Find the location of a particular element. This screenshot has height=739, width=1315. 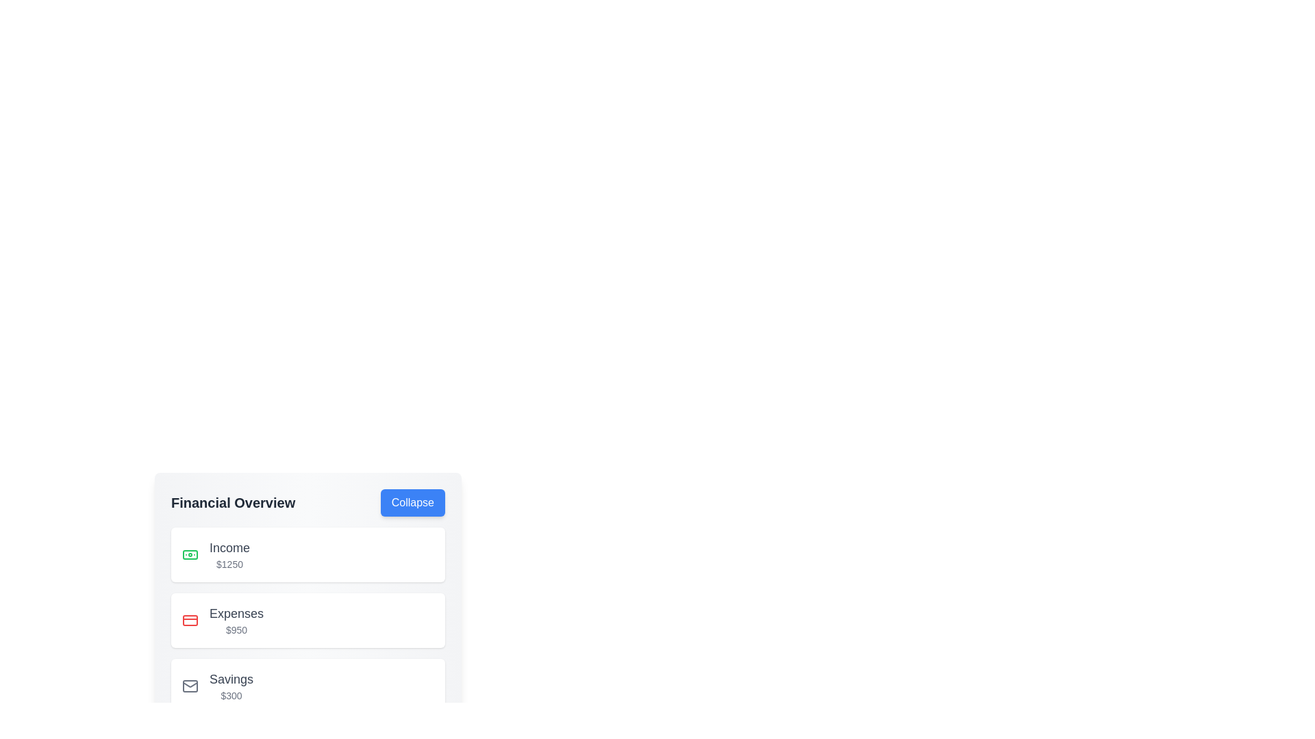

the static text label displaying the numerical value '$300' located below the 'Savings' label in the financial overview section is located at coordinates (231, 696).